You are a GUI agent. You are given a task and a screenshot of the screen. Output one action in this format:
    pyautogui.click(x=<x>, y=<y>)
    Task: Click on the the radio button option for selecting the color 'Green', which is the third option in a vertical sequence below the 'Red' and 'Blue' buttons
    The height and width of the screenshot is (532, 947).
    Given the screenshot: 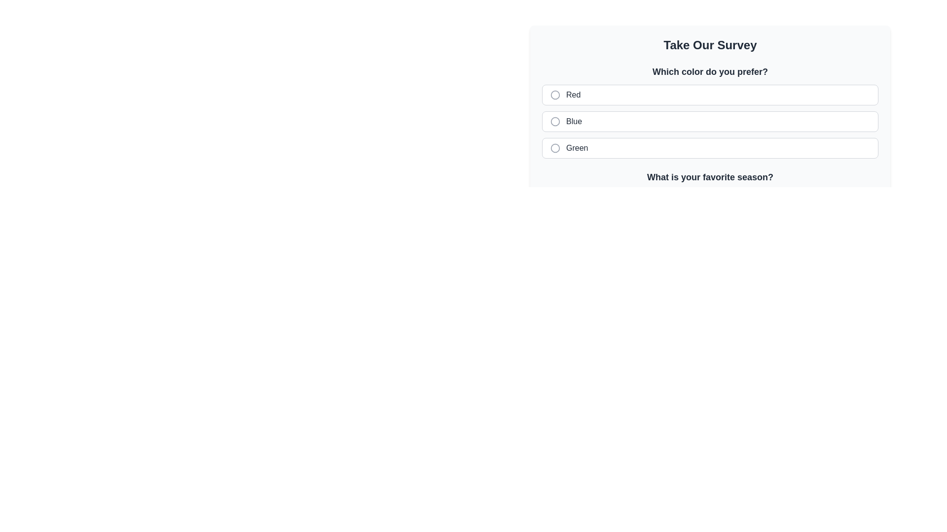 What is the action you would take?
    pyautogui.click(x=710, y=148)
    